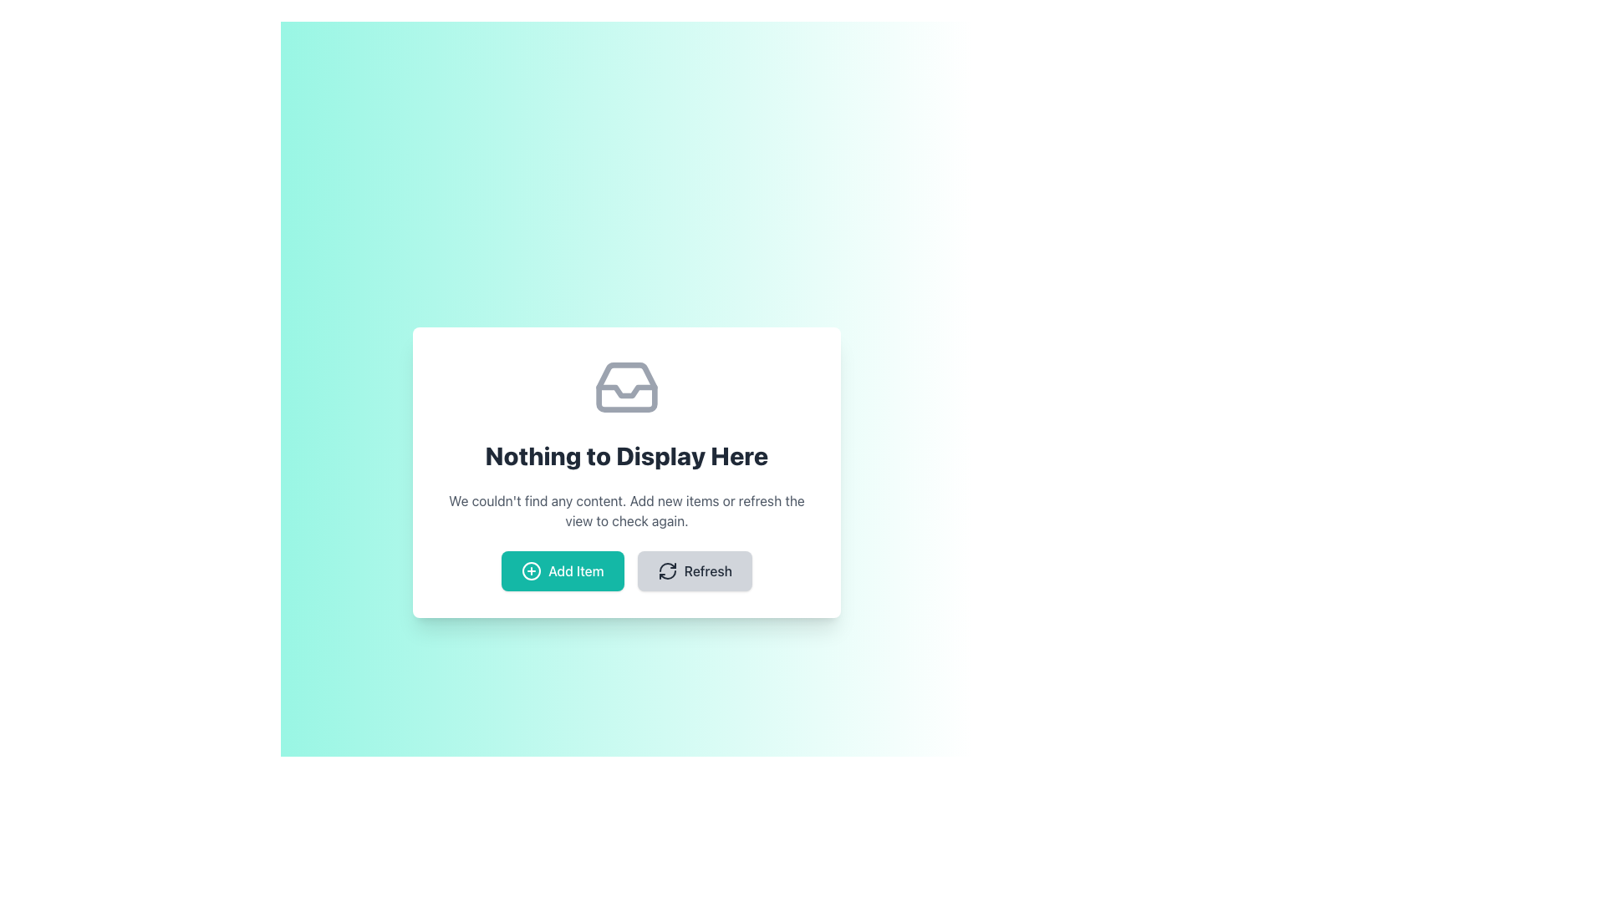 Image resolution: width=1605 pixels, height=902 pixels. What do you see at coordinates (531, 570) in the screenshot?
I see `the decorative background element, which is a green outlined circle with a white background, associated with the '+' icon for adding an item` at bounding box center [531, 570].